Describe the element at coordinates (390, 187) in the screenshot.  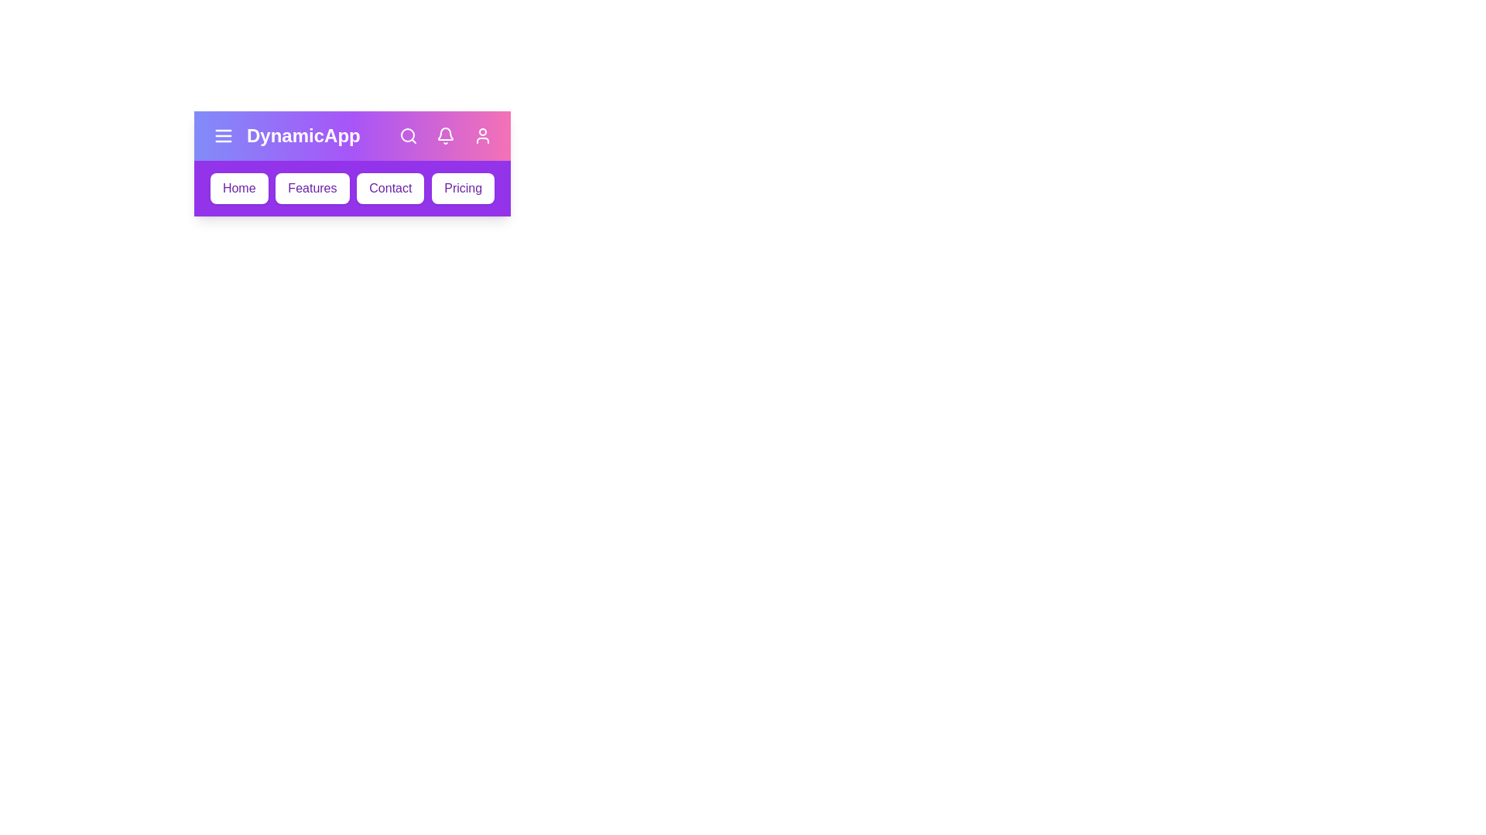
I see `the Contact tab to navigate to the corresponding section` at that location.